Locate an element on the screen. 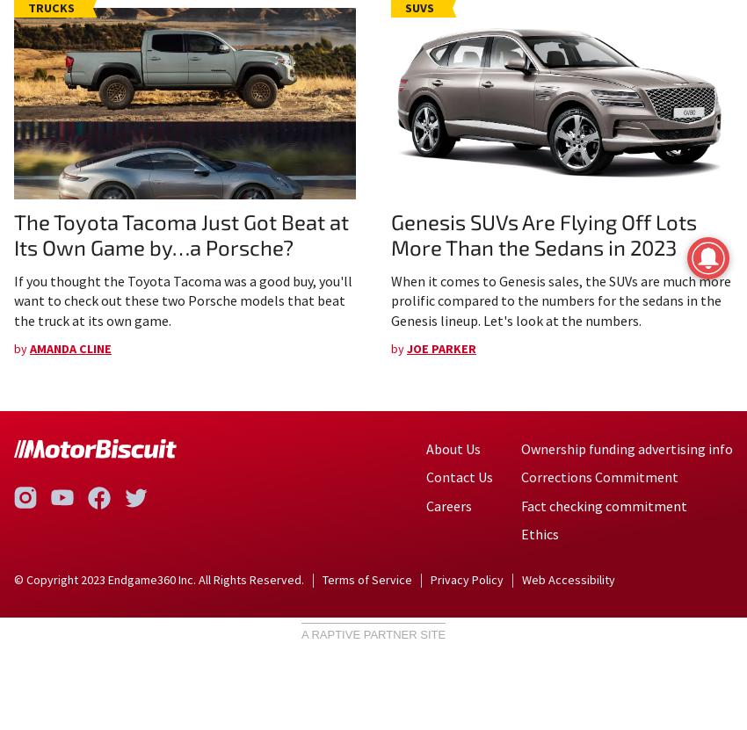  'A Raptive Partner Site' is located at coordinates (373, 633).